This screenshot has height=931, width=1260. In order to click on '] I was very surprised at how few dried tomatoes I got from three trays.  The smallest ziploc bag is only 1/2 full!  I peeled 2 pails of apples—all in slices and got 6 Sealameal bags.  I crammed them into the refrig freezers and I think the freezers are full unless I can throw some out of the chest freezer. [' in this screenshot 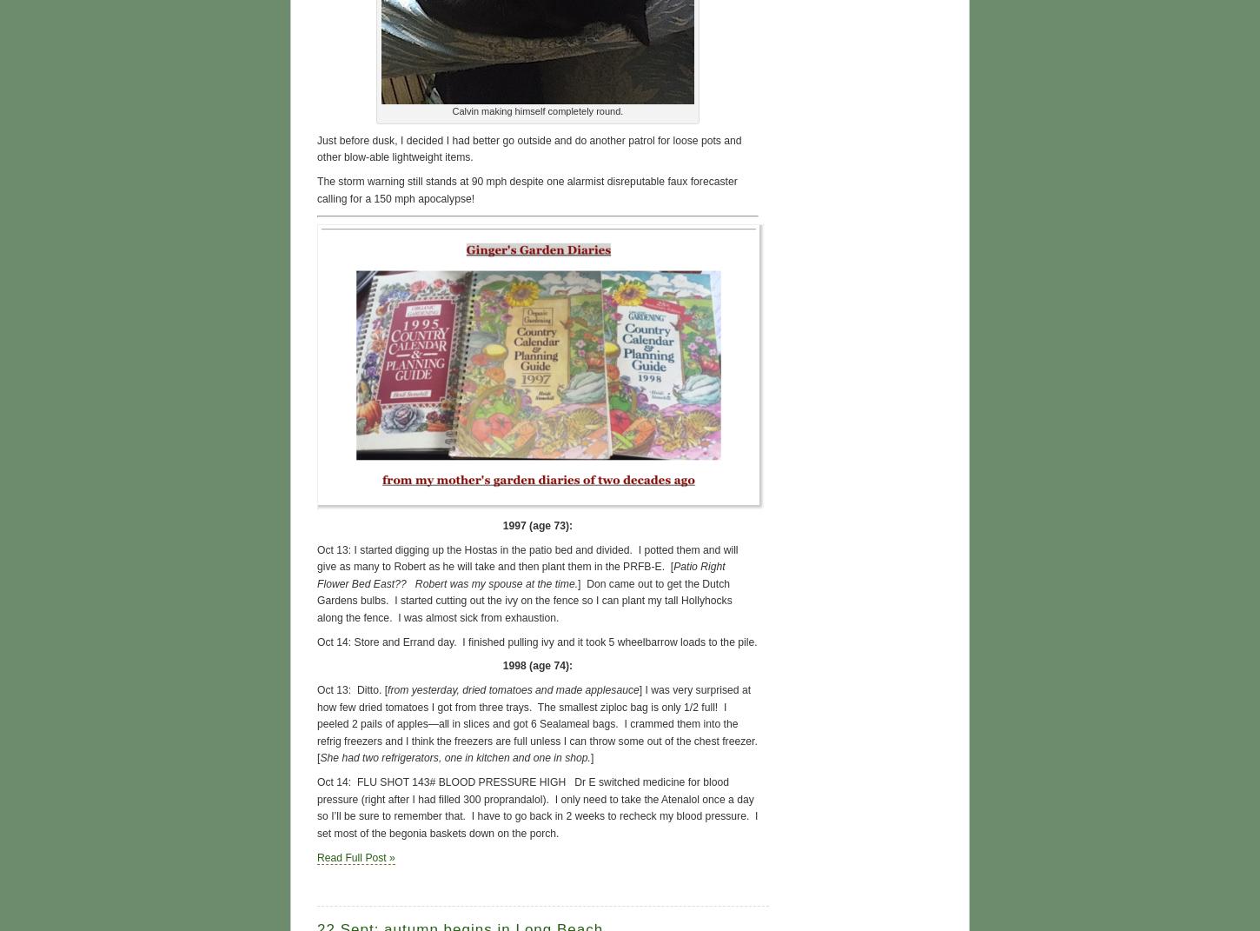, I will do `click(315, 723)`.